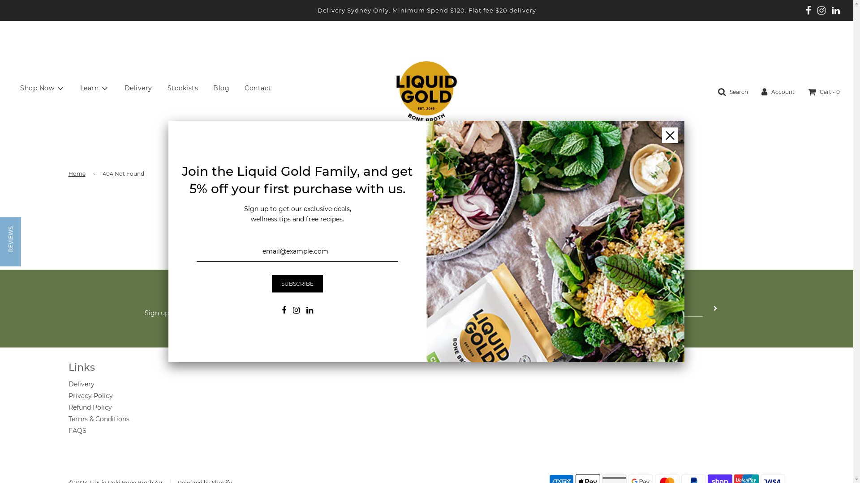 Image resolution: width=860 pixels, height=483 pixels. Describe the element at coordinates (718, 91) in the screenshot. I see `'Search'` at that location.